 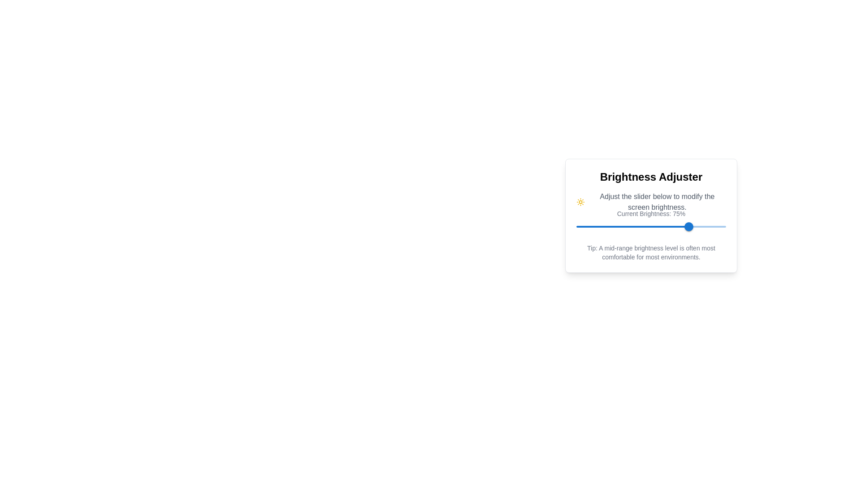 I want to click on brightness, so click(x=627, y=226).